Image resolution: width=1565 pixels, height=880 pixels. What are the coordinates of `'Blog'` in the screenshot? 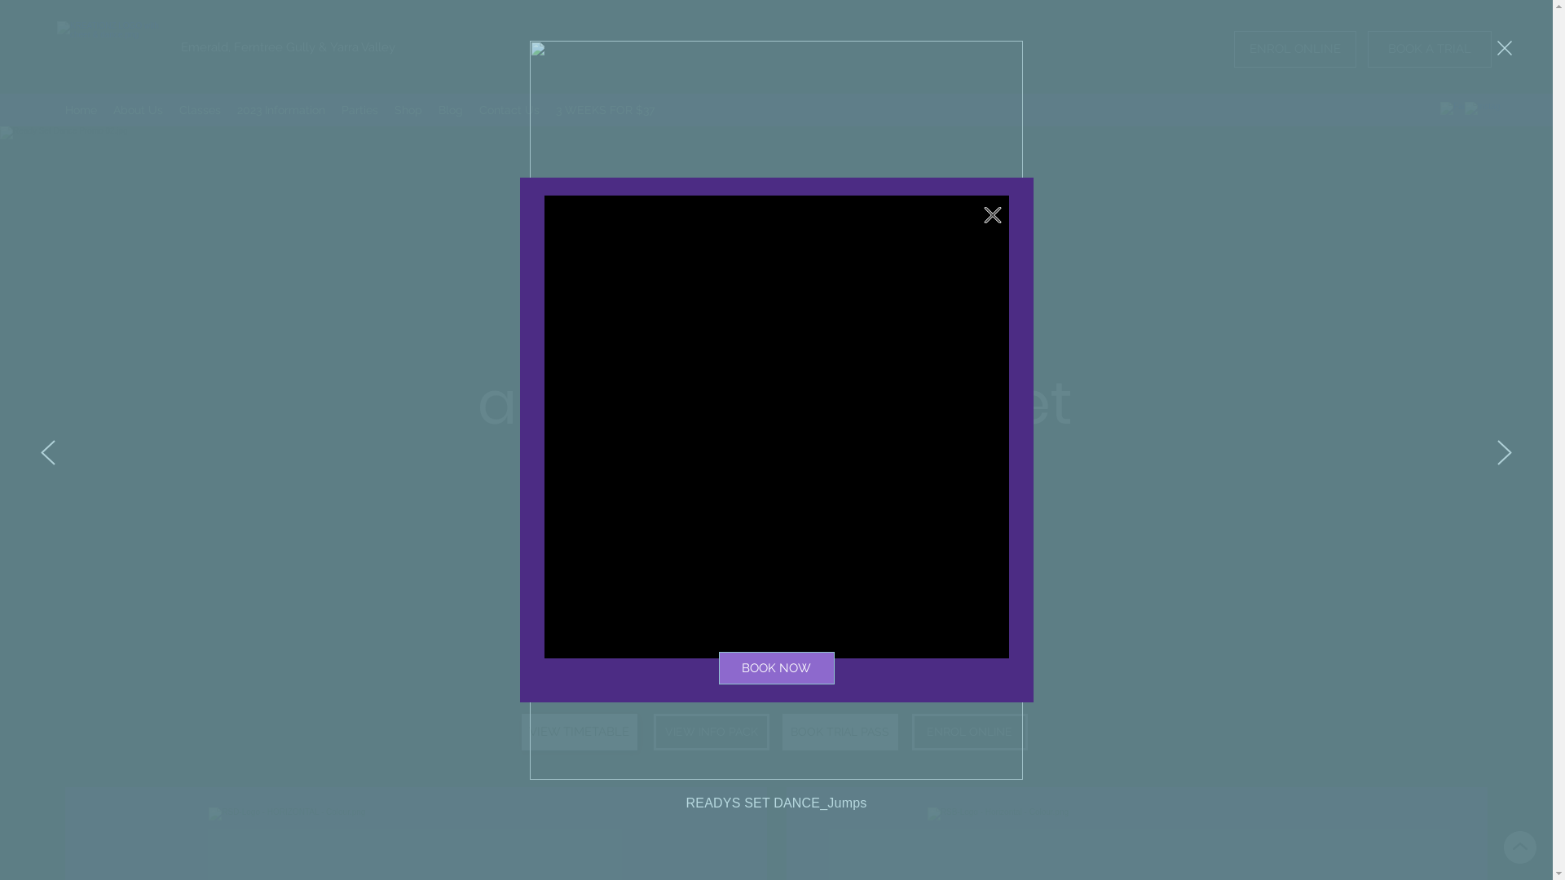 It's located at (450, 110).